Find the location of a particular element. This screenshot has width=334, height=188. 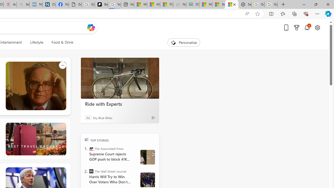

'The Wall Street Journal' is located at coordinates (91, 171).